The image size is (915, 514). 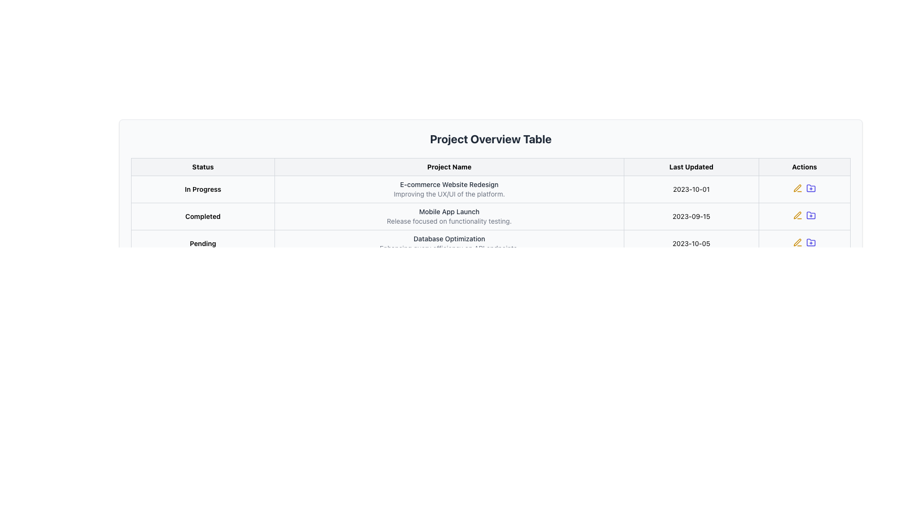 I want to click on the text label that says 'Completed' in the second row of the 'Status' column of the table, which is prominently styled with bold black text on a white background, so click(x=202, y=217).